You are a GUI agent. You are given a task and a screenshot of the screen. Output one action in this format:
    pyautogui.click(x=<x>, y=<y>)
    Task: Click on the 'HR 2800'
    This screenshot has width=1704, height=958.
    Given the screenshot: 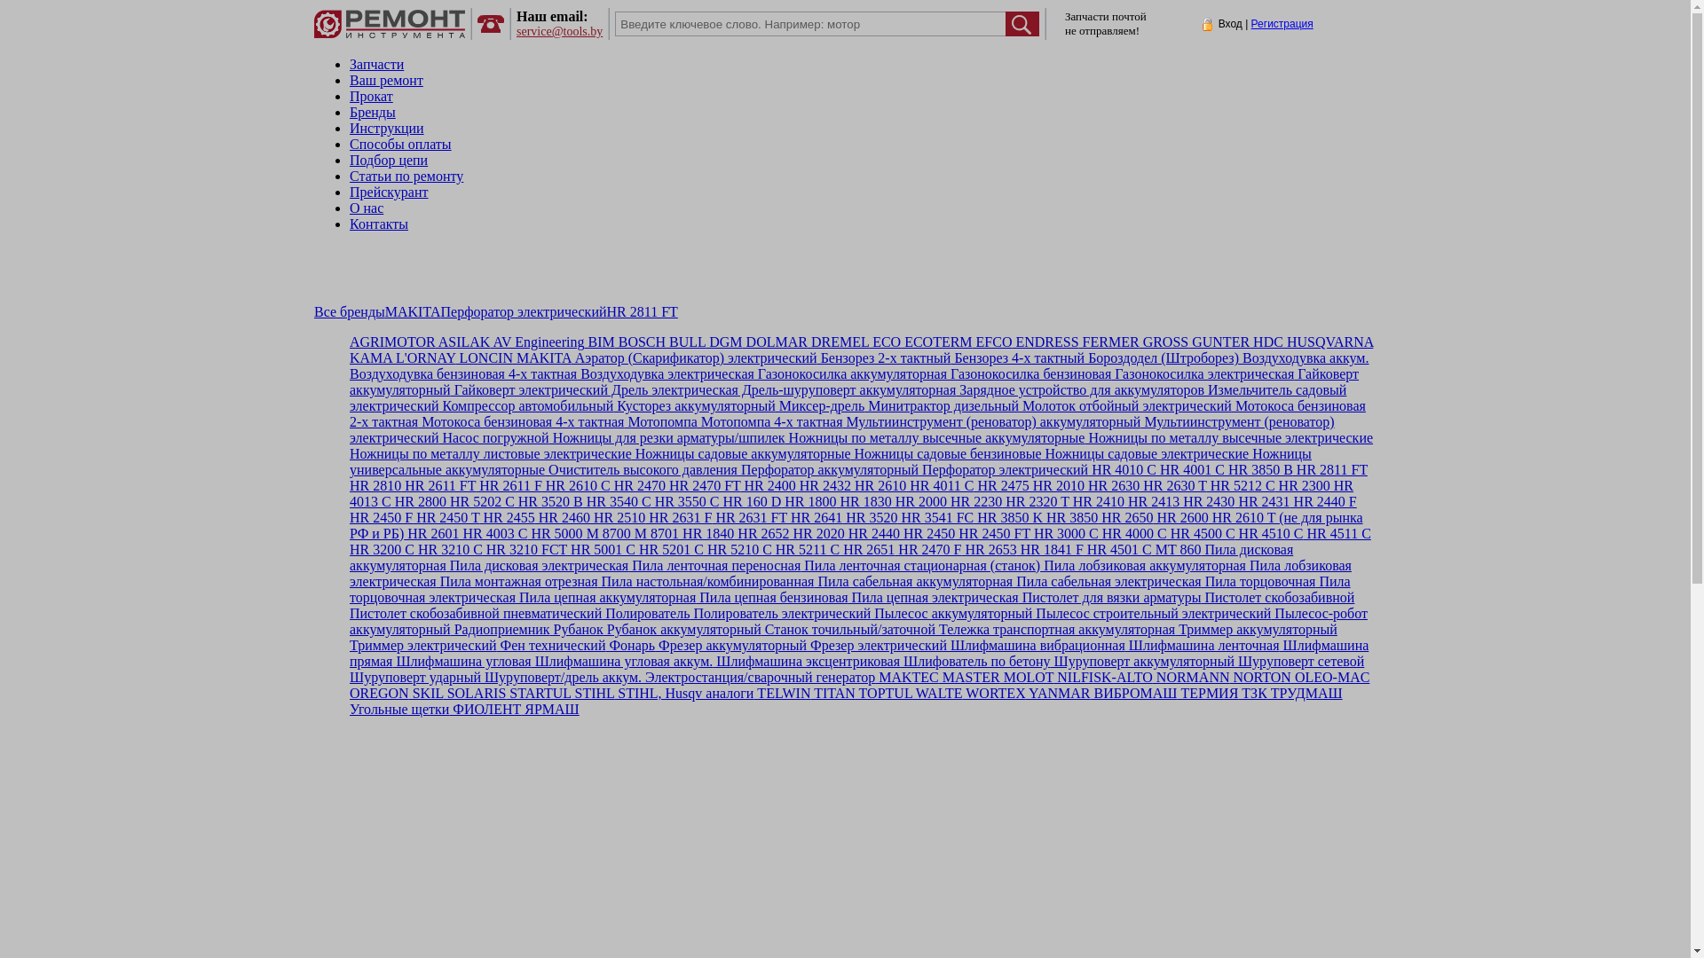 What is the action you would take?
    pyautogui.click(x=417, y=501)
    